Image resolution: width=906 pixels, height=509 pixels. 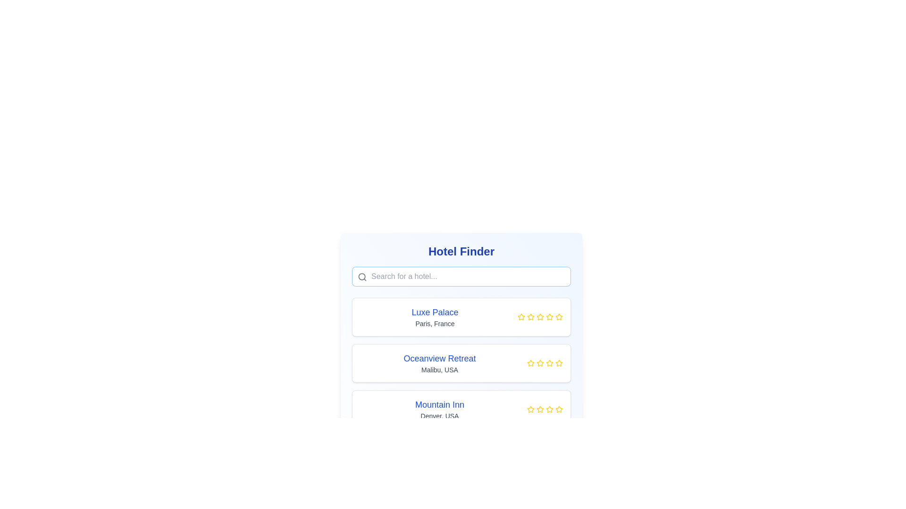 What do you see at coordinates (550, 363) in the screenshot?
I see `the fifth star in the star rating system to indicate a rating for 'Oceanview Retreat, Malibu, USA'` at bounding box center [550, 363].